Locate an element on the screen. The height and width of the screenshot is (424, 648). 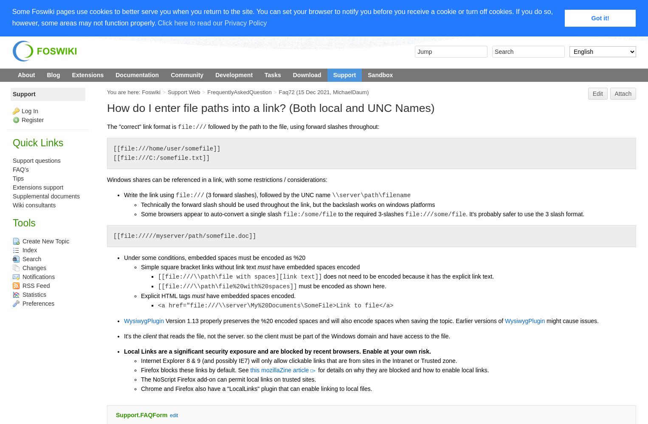
'MichaelDaum' is located at coordinates (349, 92).